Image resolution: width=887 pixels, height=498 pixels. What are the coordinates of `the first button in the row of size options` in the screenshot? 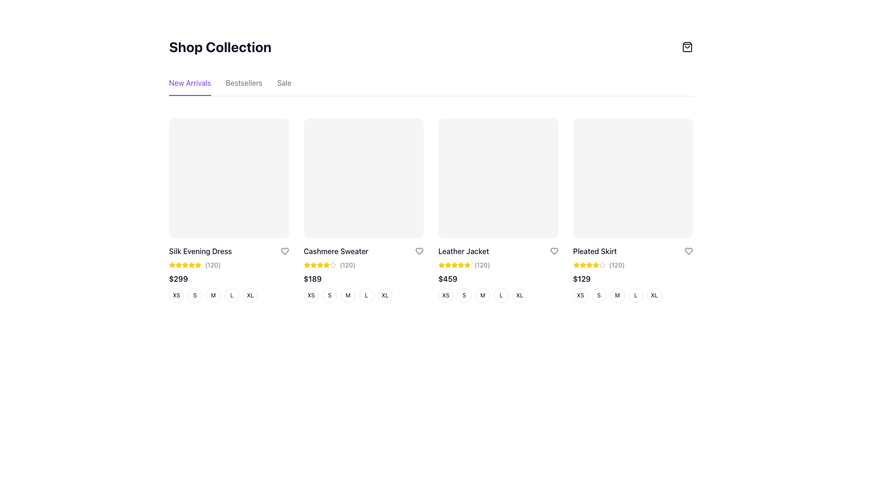 It's located at (176, 295).